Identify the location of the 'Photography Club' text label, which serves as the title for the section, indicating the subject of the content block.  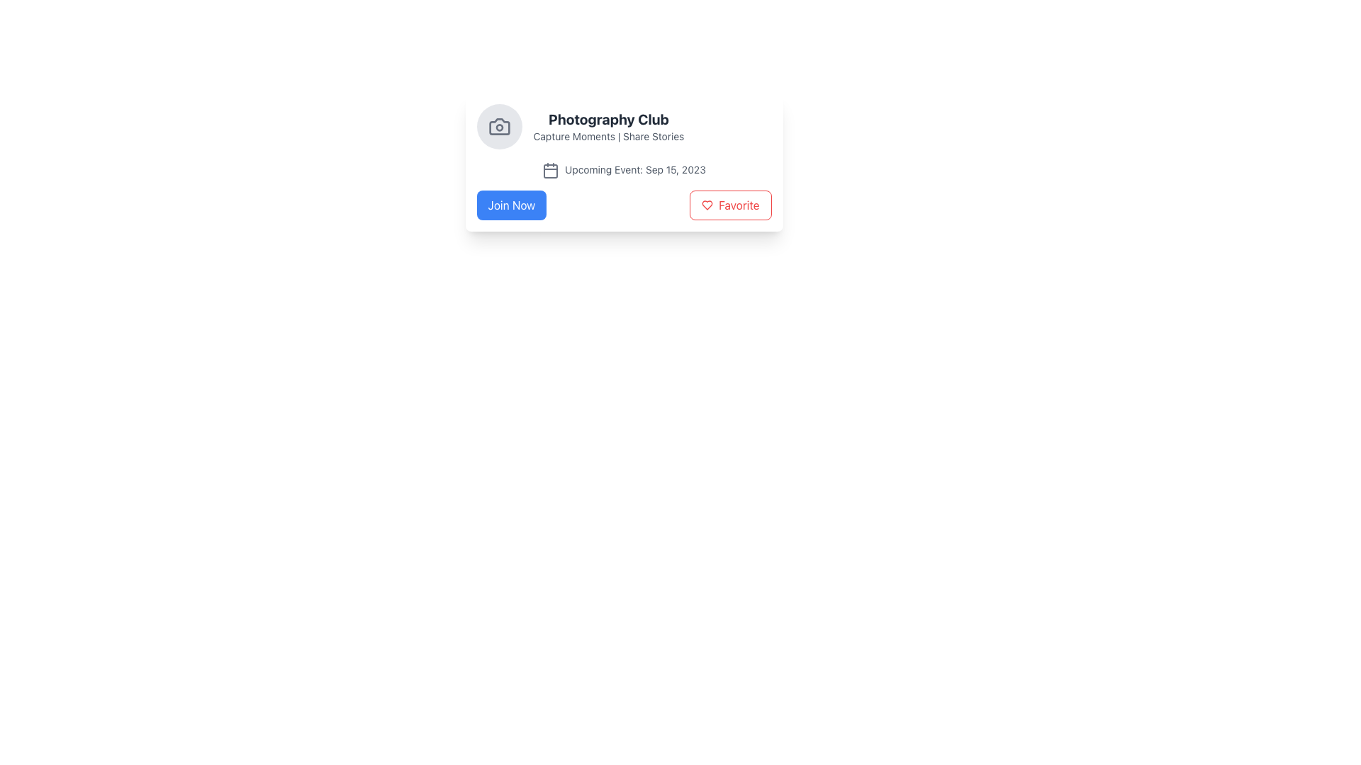
(608, 119).